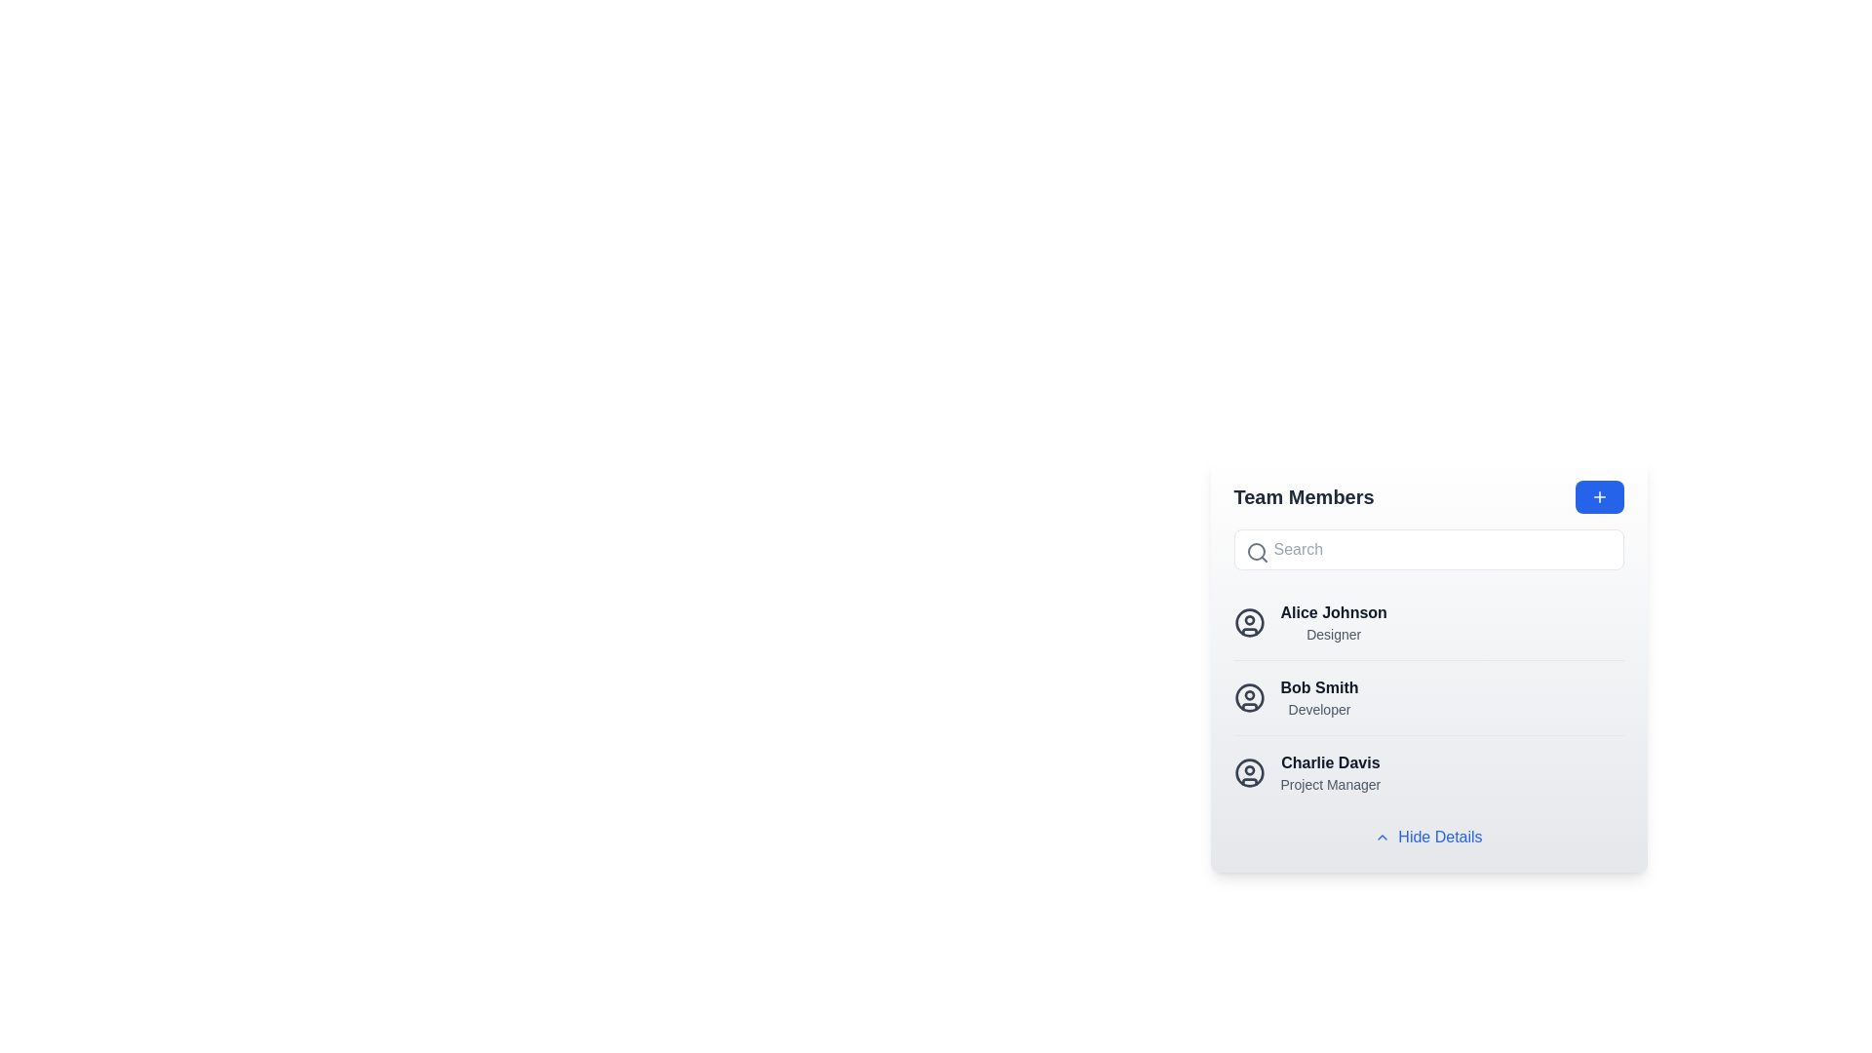 The image size is (1872, 1053). What do you see at coordinates (1249, 772) in the screenshot?
I see `the user profile icon representing Charlie Davis, located to the left of the 'Charlie Davis' text and 'Project Manager' subtitle in the third row of the 'Team Members' list section` at bounding box center [1249, 772].